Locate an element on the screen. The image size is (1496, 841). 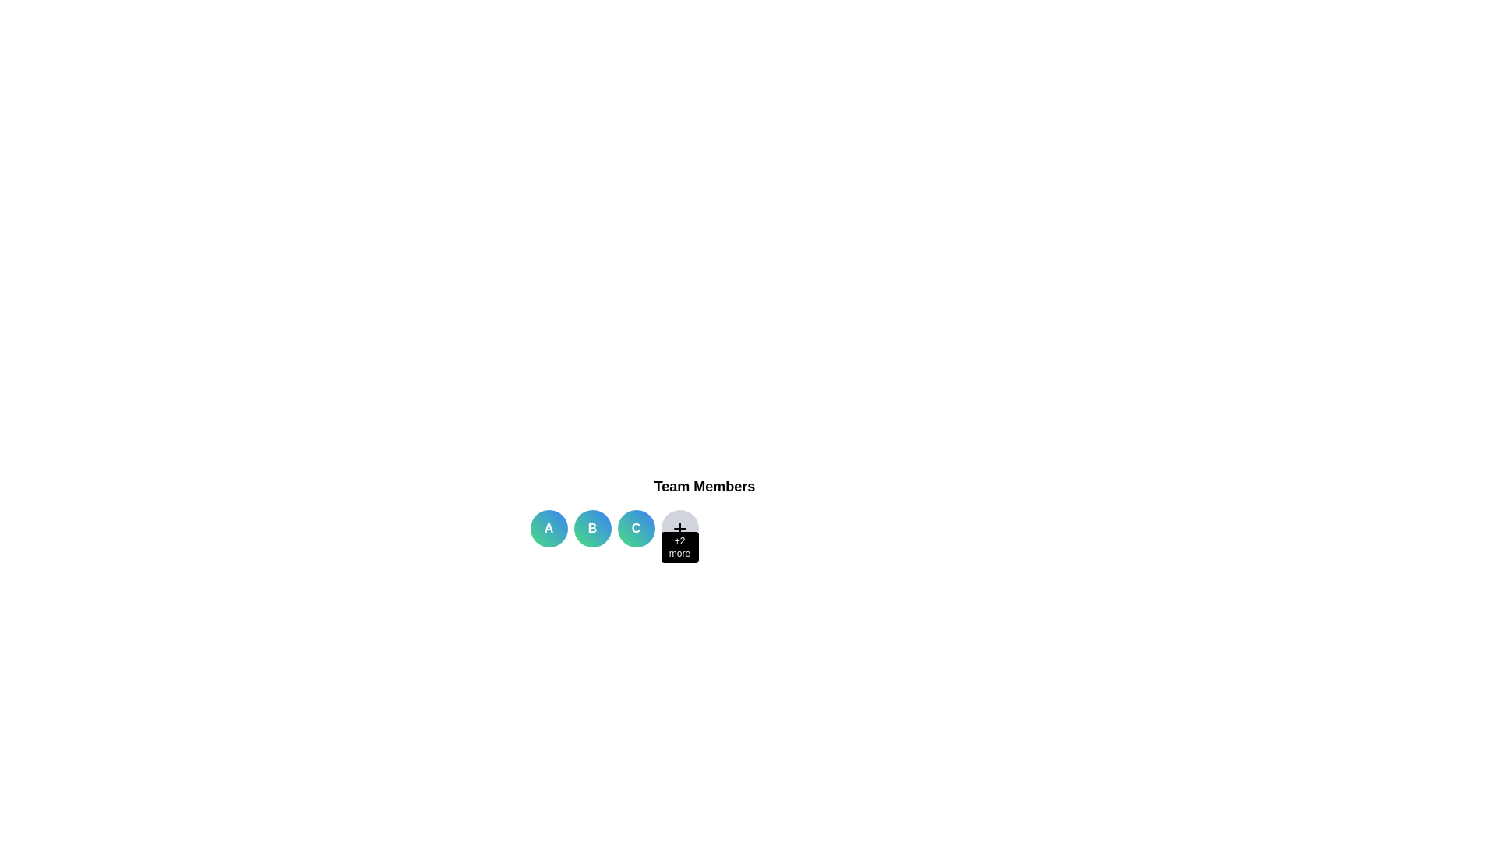
the tooltip displaying the text '+2 more' which is located directly below the circular avatar button with a plus icon, positioned fourth among the row of avatars is located at coordinates (679, 546).